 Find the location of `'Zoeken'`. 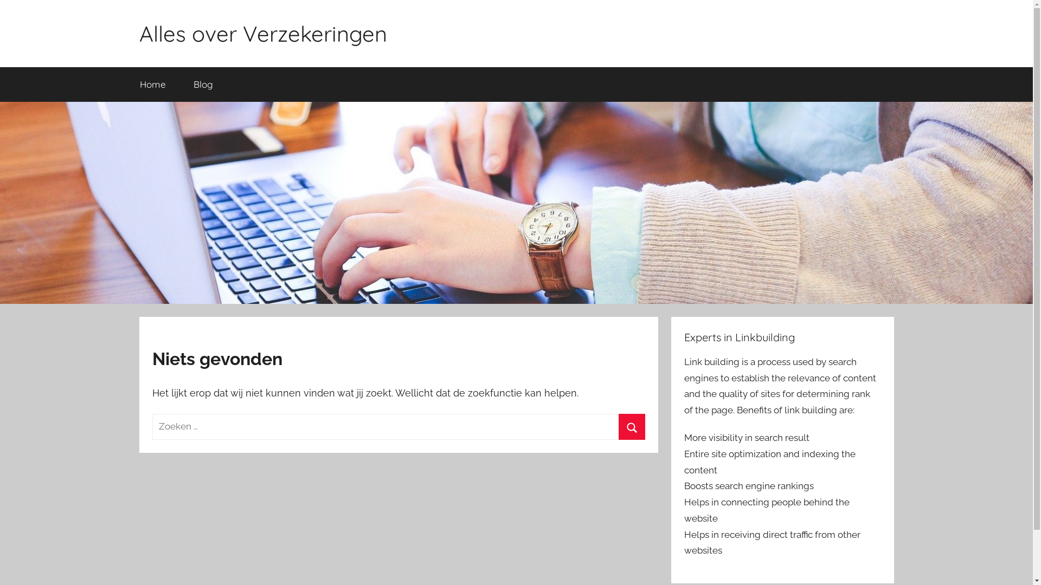

'Zoeken' is located at coordinates (619, 426).